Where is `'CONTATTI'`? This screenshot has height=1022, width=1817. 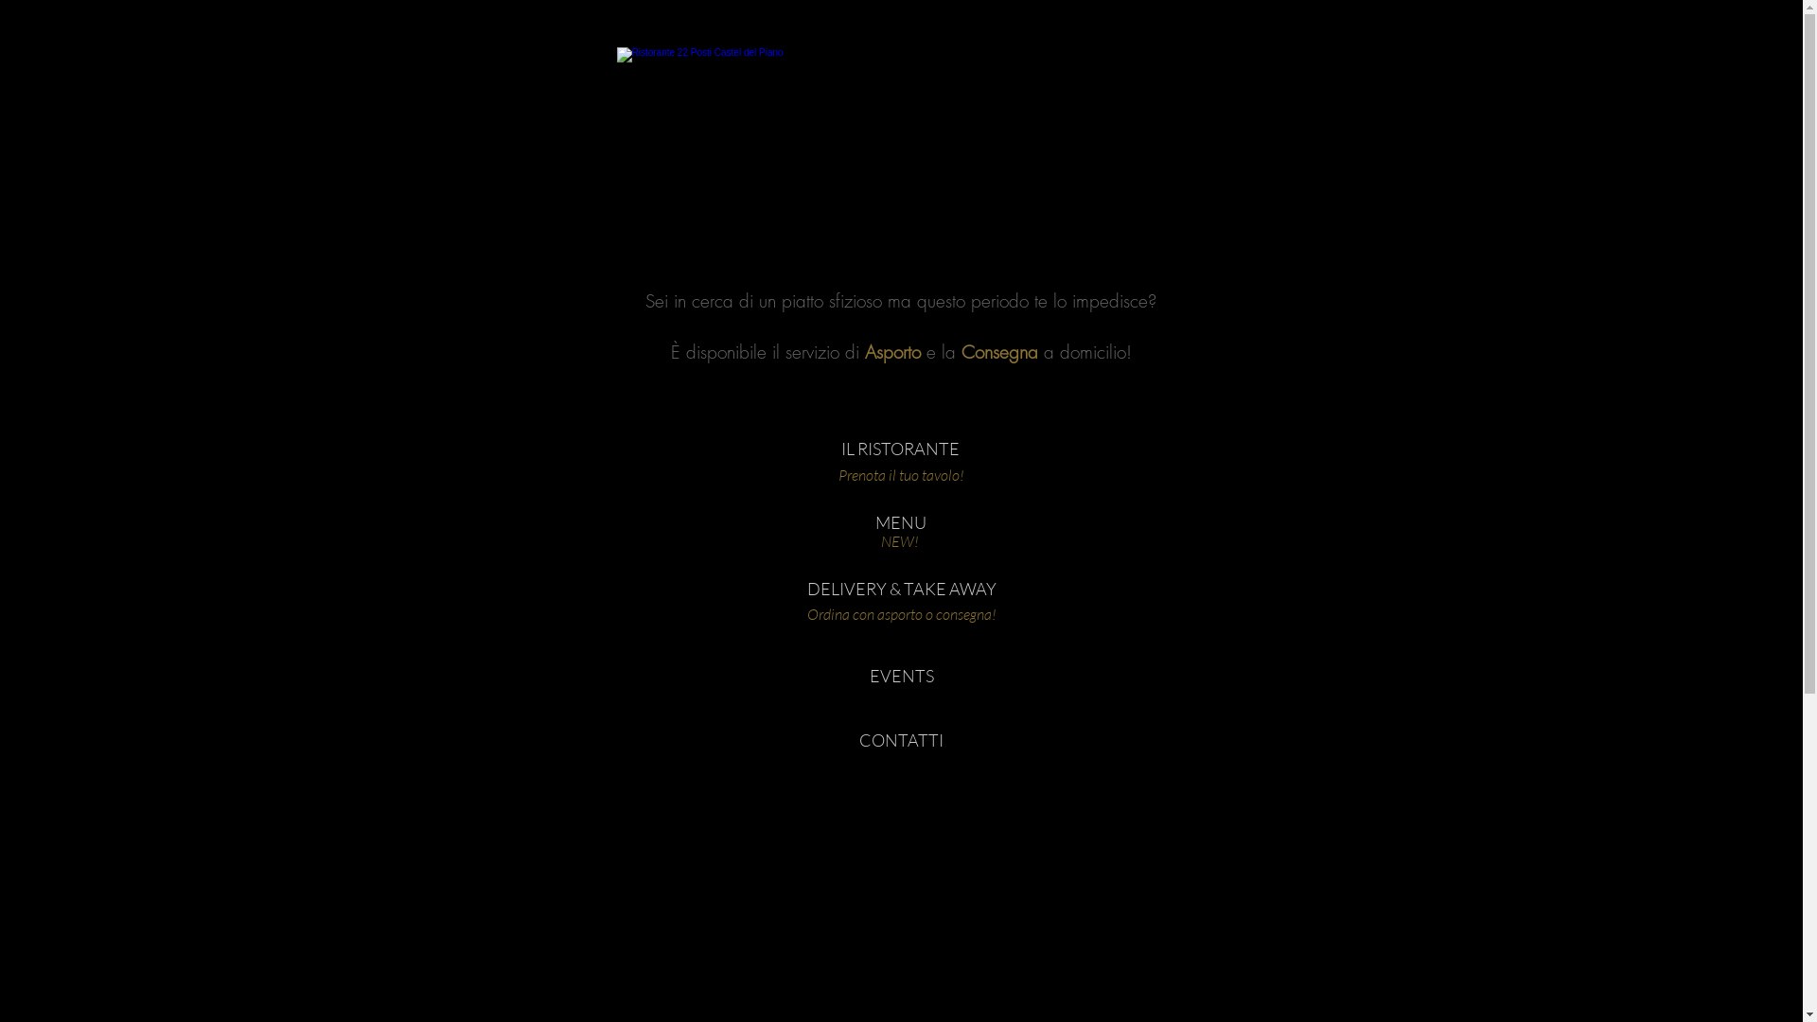 'CONTATTI' is located at coordinates (813, 740).